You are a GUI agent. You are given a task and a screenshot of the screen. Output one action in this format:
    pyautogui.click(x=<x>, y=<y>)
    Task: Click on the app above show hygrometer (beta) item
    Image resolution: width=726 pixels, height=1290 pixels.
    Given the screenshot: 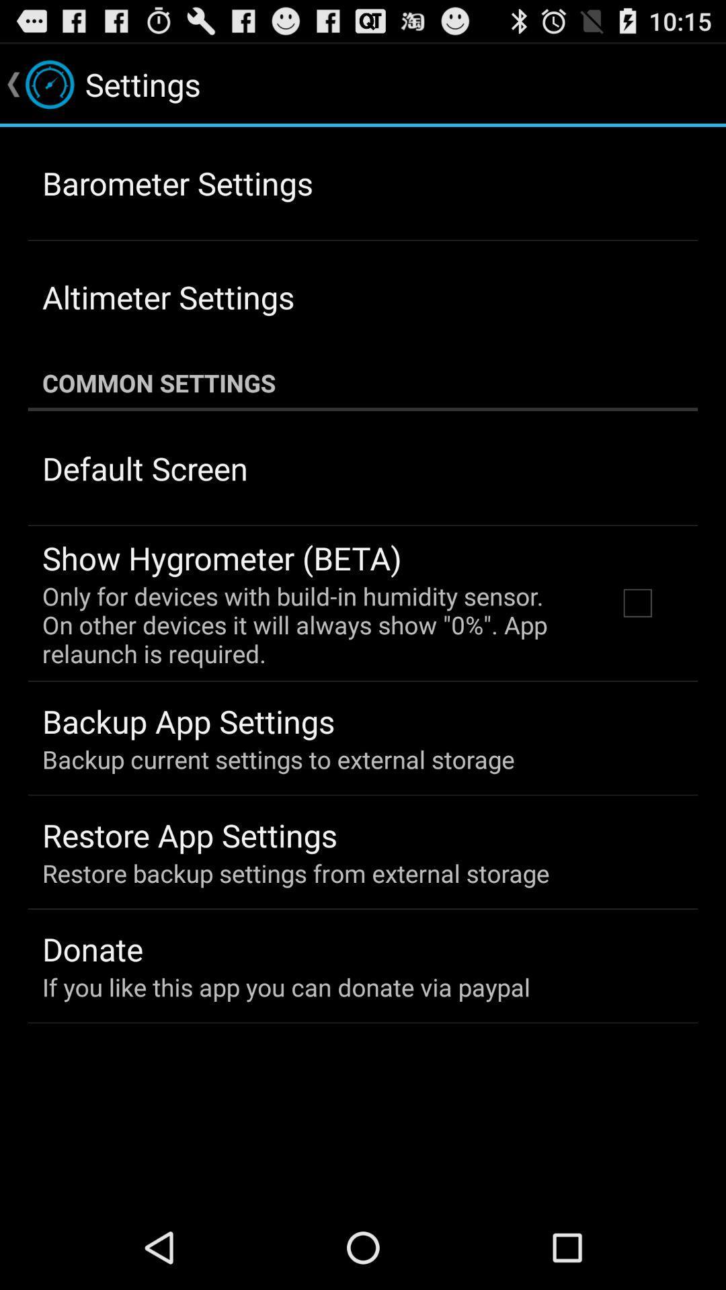 What is the action you would take?
    pyautogui.click(x=145, y=468)
    